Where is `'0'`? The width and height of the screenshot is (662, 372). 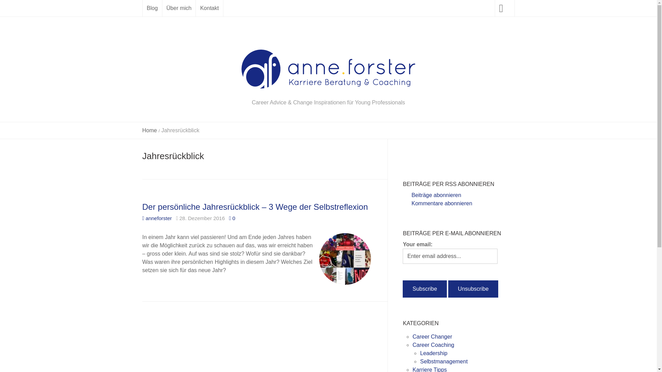
'0' is located at coordinates (232, 218).